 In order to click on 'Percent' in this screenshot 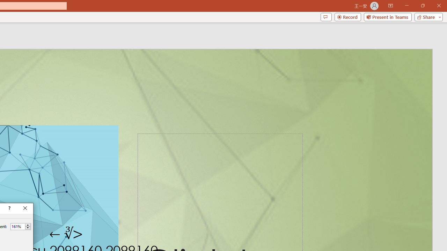, I will do `click(17, 226)`.